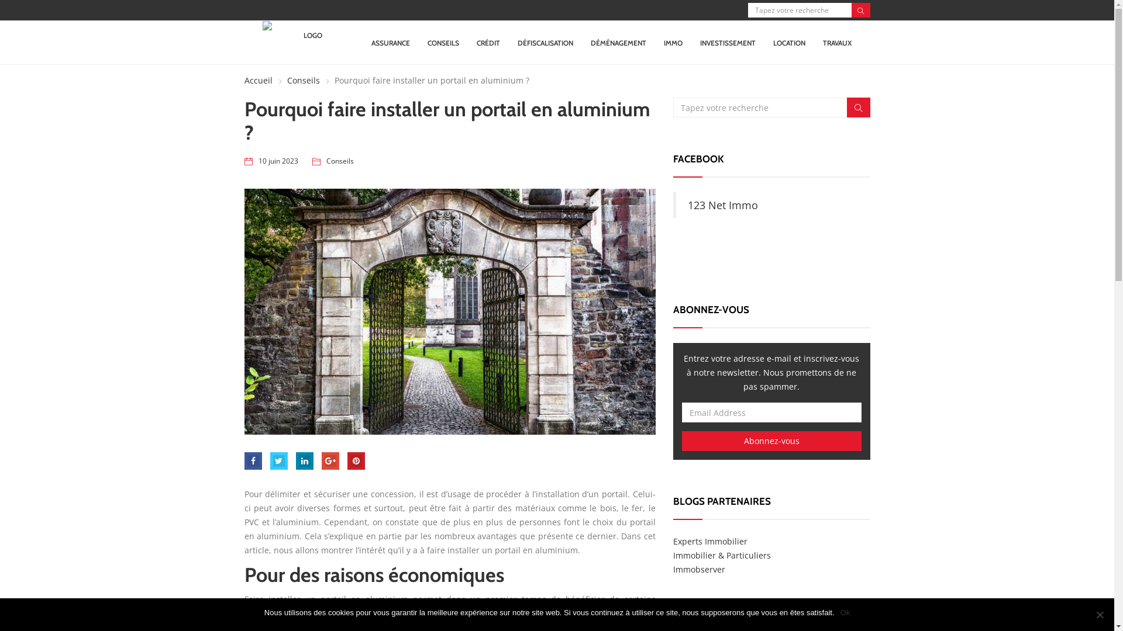 This screenshot has height=631, width=1123. Describe the element at coordinates (663, 42) in the screenshot. I see `'IMMO'` at that location.